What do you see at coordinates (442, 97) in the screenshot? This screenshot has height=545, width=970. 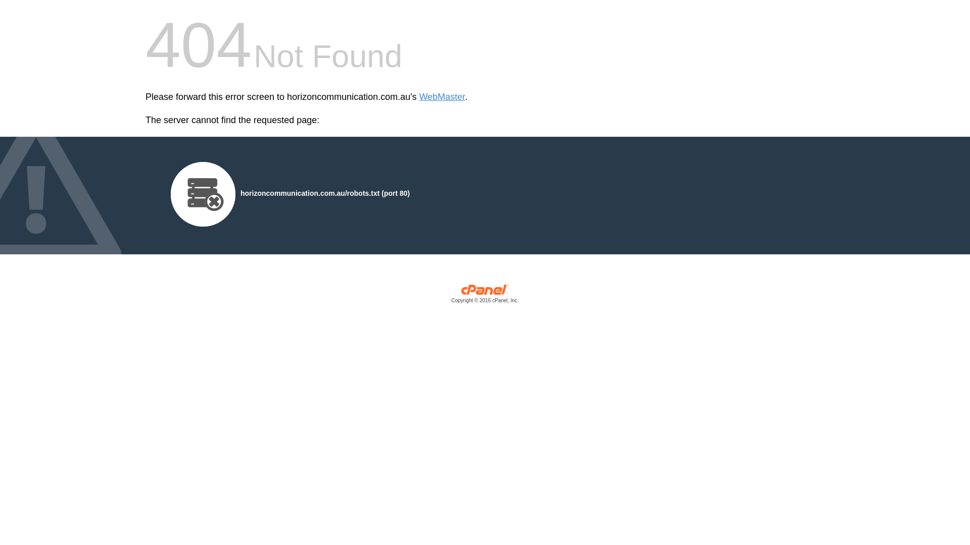 I see `'WebMaster'` at bounding box center [442, 97].